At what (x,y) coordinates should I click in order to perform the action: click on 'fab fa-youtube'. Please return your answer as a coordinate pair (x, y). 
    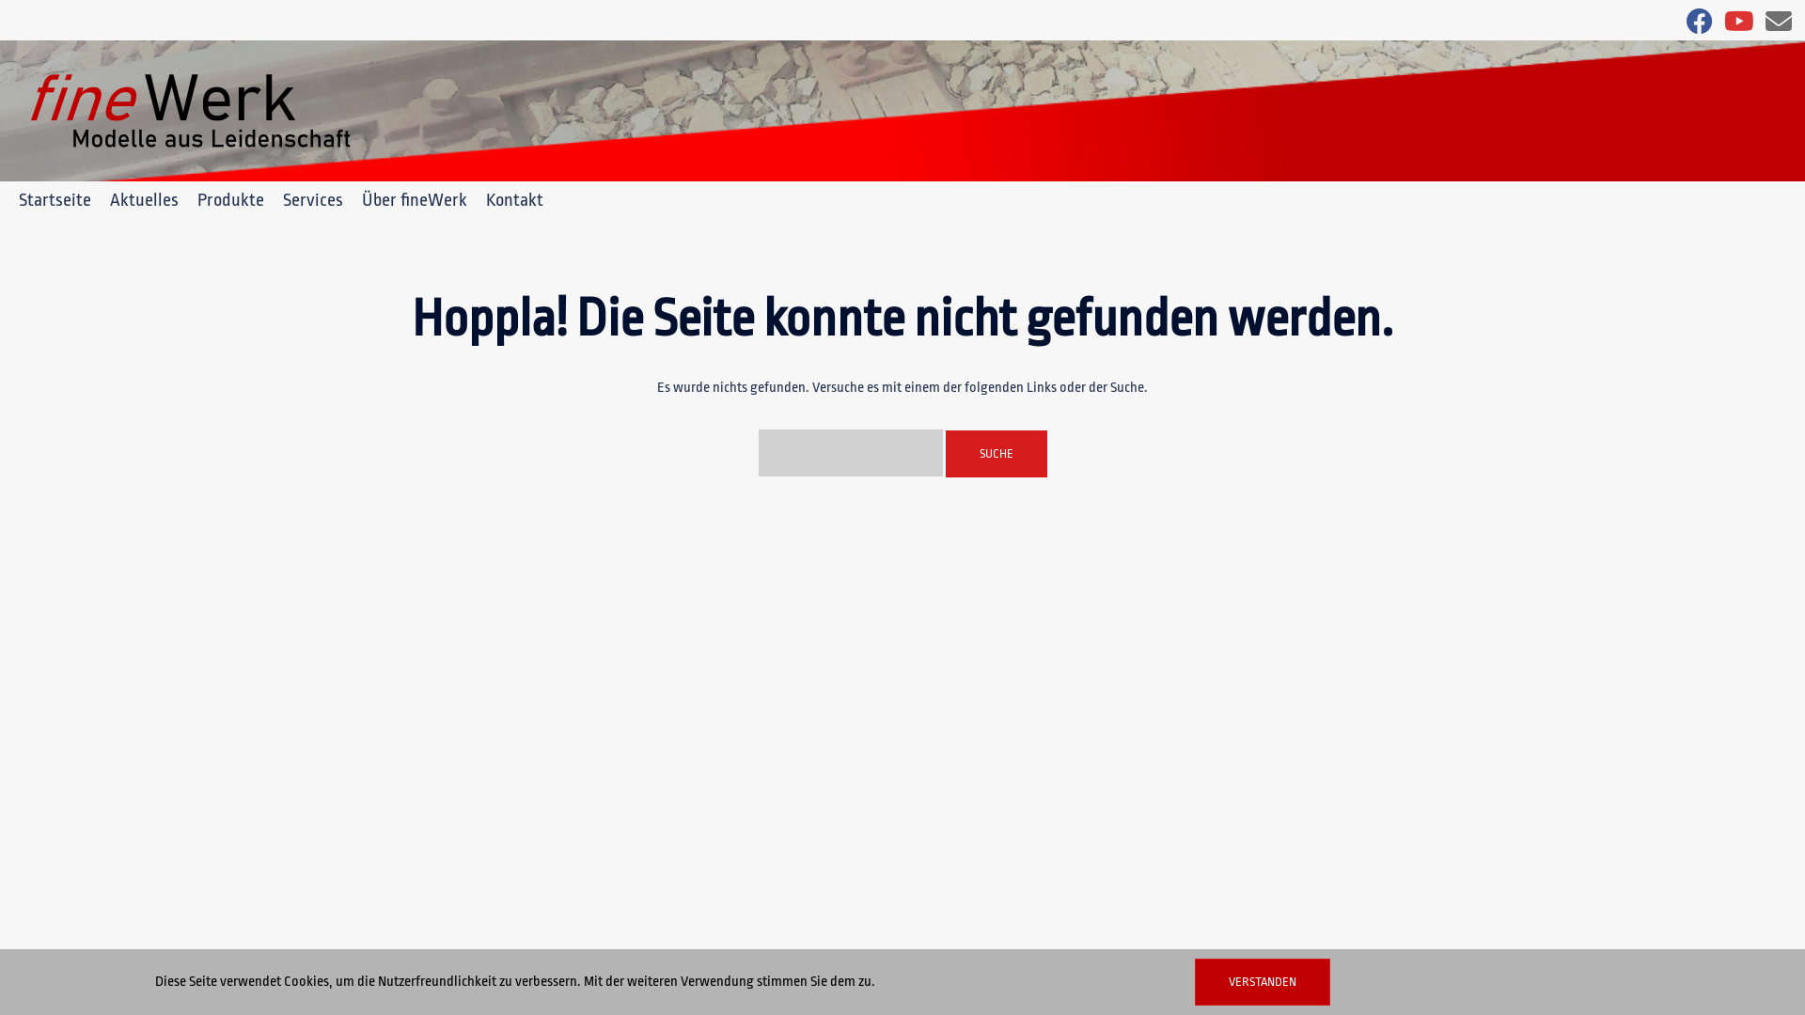
    Looking at the image, I should click on (1737, 26).